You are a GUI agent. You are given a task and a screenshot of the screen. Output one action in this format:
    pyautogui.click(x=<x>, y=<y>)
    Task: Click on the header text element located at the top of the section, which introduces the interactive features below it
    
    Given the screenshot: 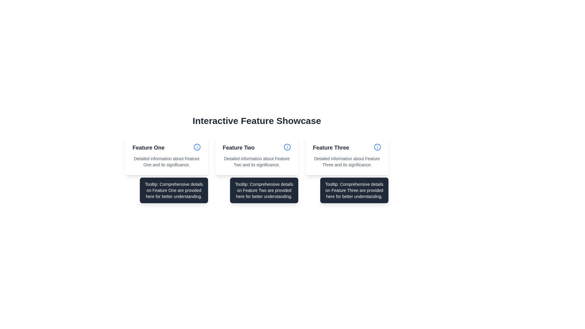 What is the action you would take?
    pyautogui.click(x=257, y=121)
    